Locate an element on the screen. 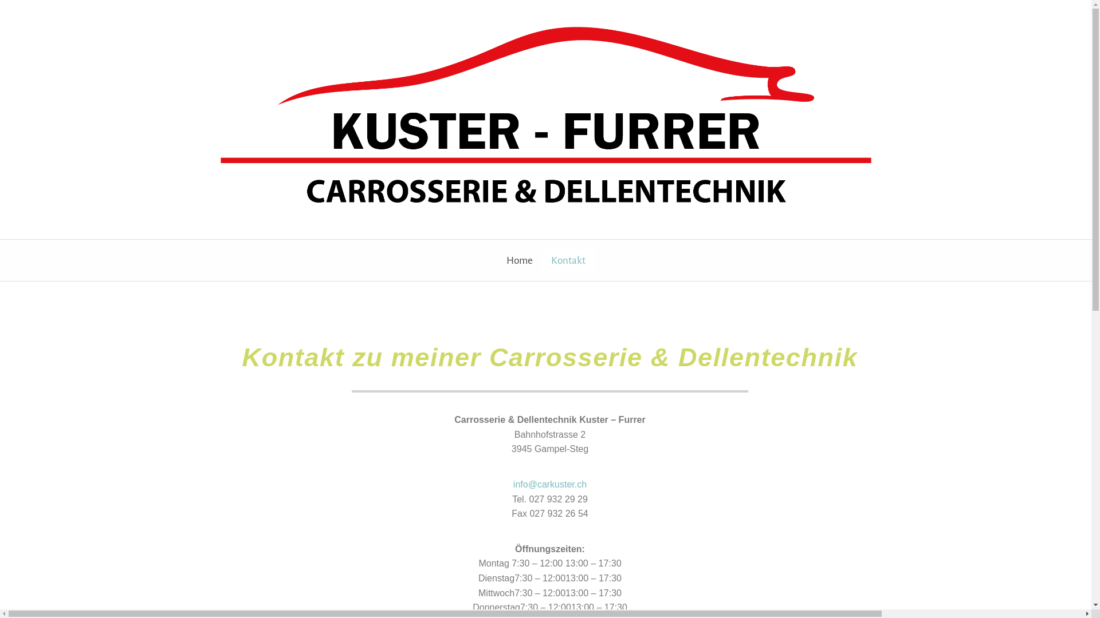  'Home' is located at coordinates (519, 260).